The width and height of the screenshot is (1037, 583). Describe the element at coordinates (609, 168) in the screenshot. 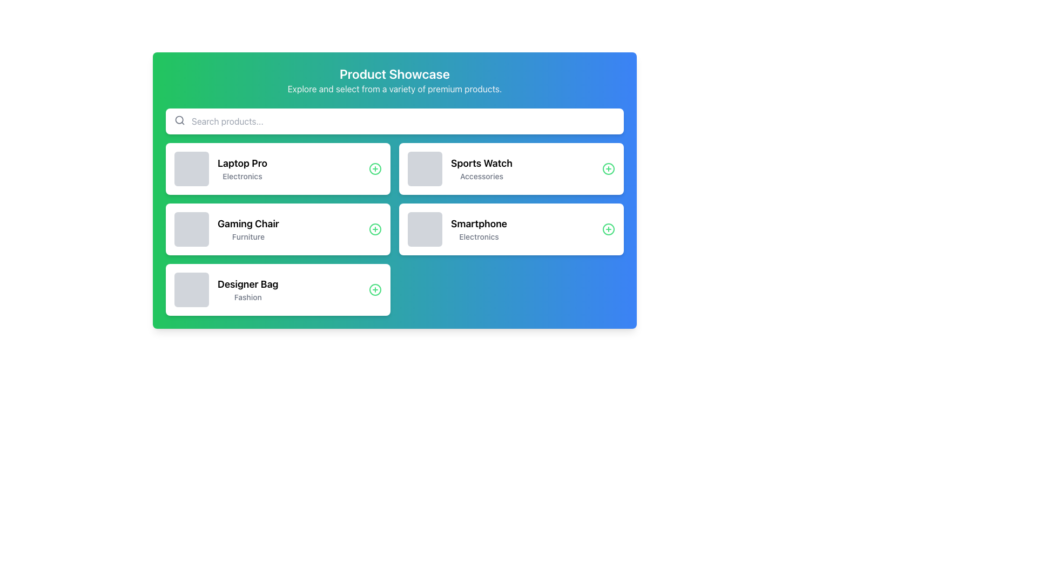

I see `the circular green element within the '+' icon located in the top right corner of the 'Sports Watch' card` at that location.